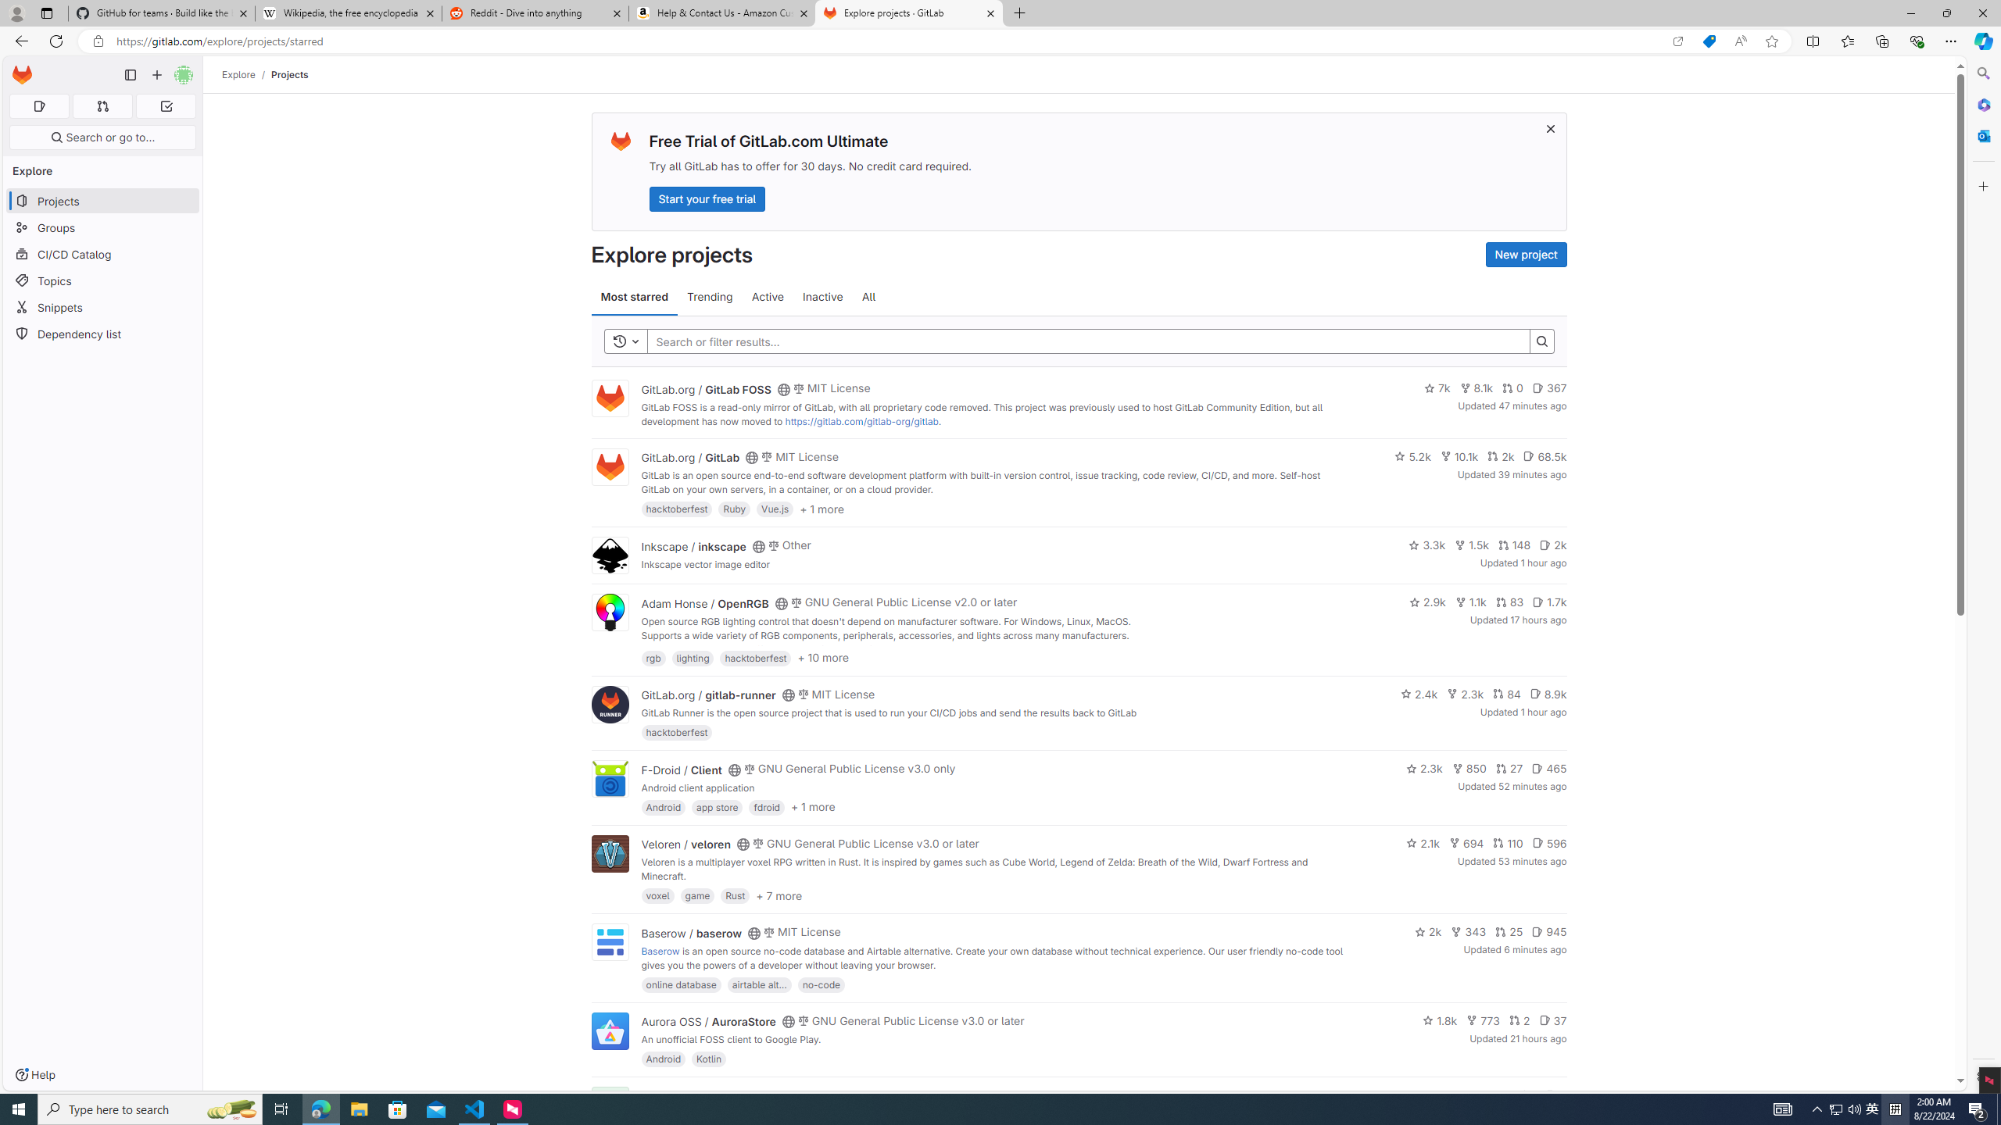  What do you see at coordinates (1440, 1020) in the screenshot?
I see `'1.8k'` at bounding box center [1440, 1020].